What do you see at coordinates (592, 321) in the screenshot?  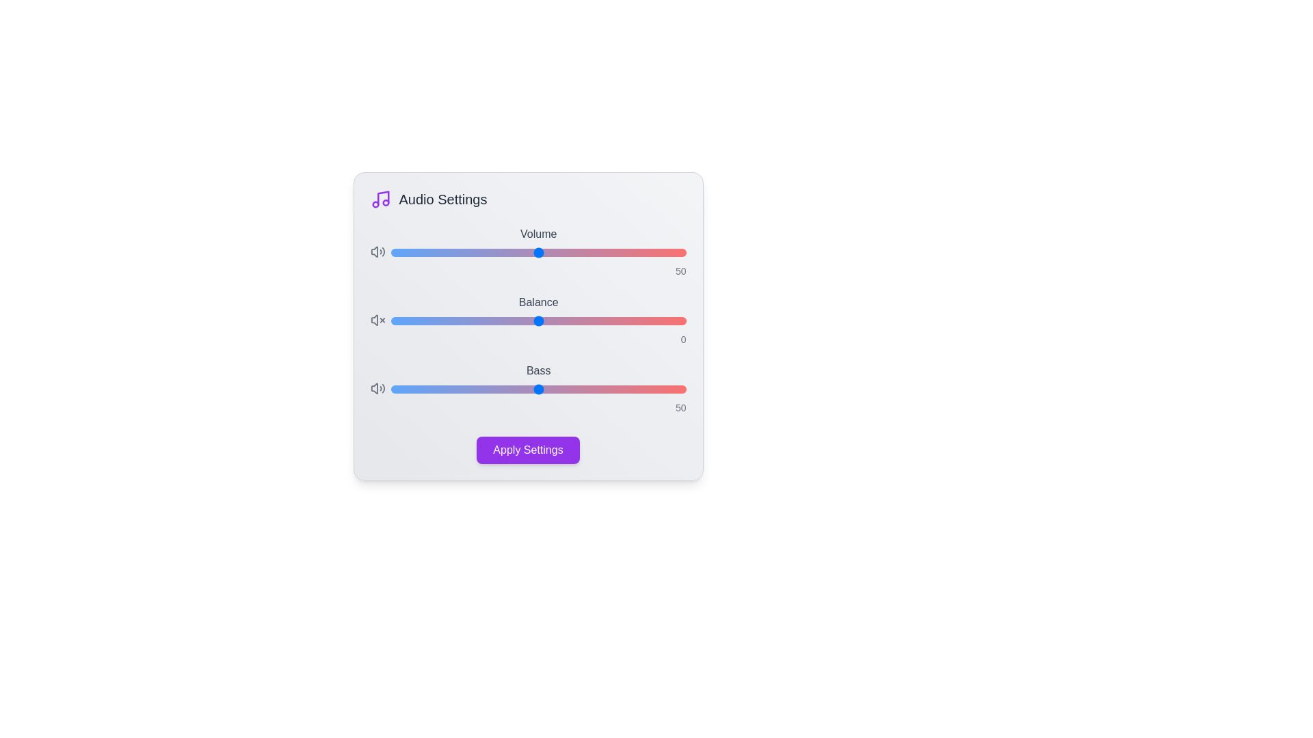 I see `the 'Balance' slider to the specified value 18` at bounding box center [592, 321].